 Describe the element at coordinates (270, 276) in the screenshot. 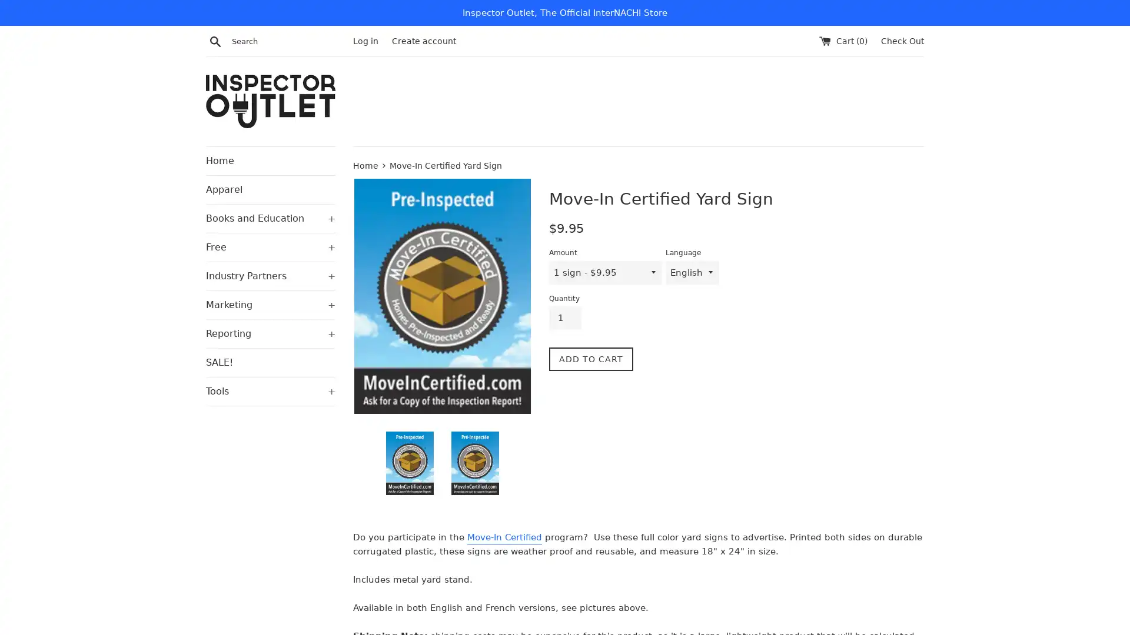

I see `Industry Partners +` at that location.